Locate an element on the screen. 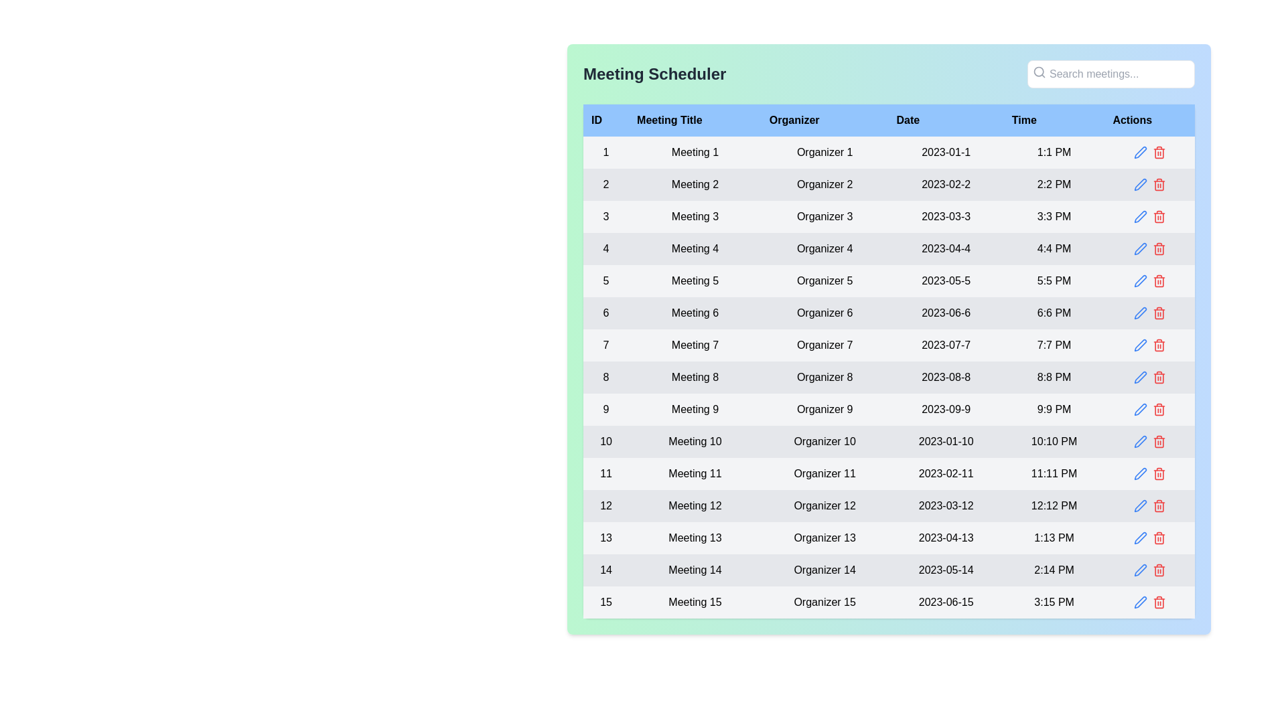 This screenshot has width=1286, height=723. the static label displaying the date of the event located in the 'Date' column of the sixth row, positioned between 'Organizer 6' and '6:6 PM' is located at coordinates (945, 313).